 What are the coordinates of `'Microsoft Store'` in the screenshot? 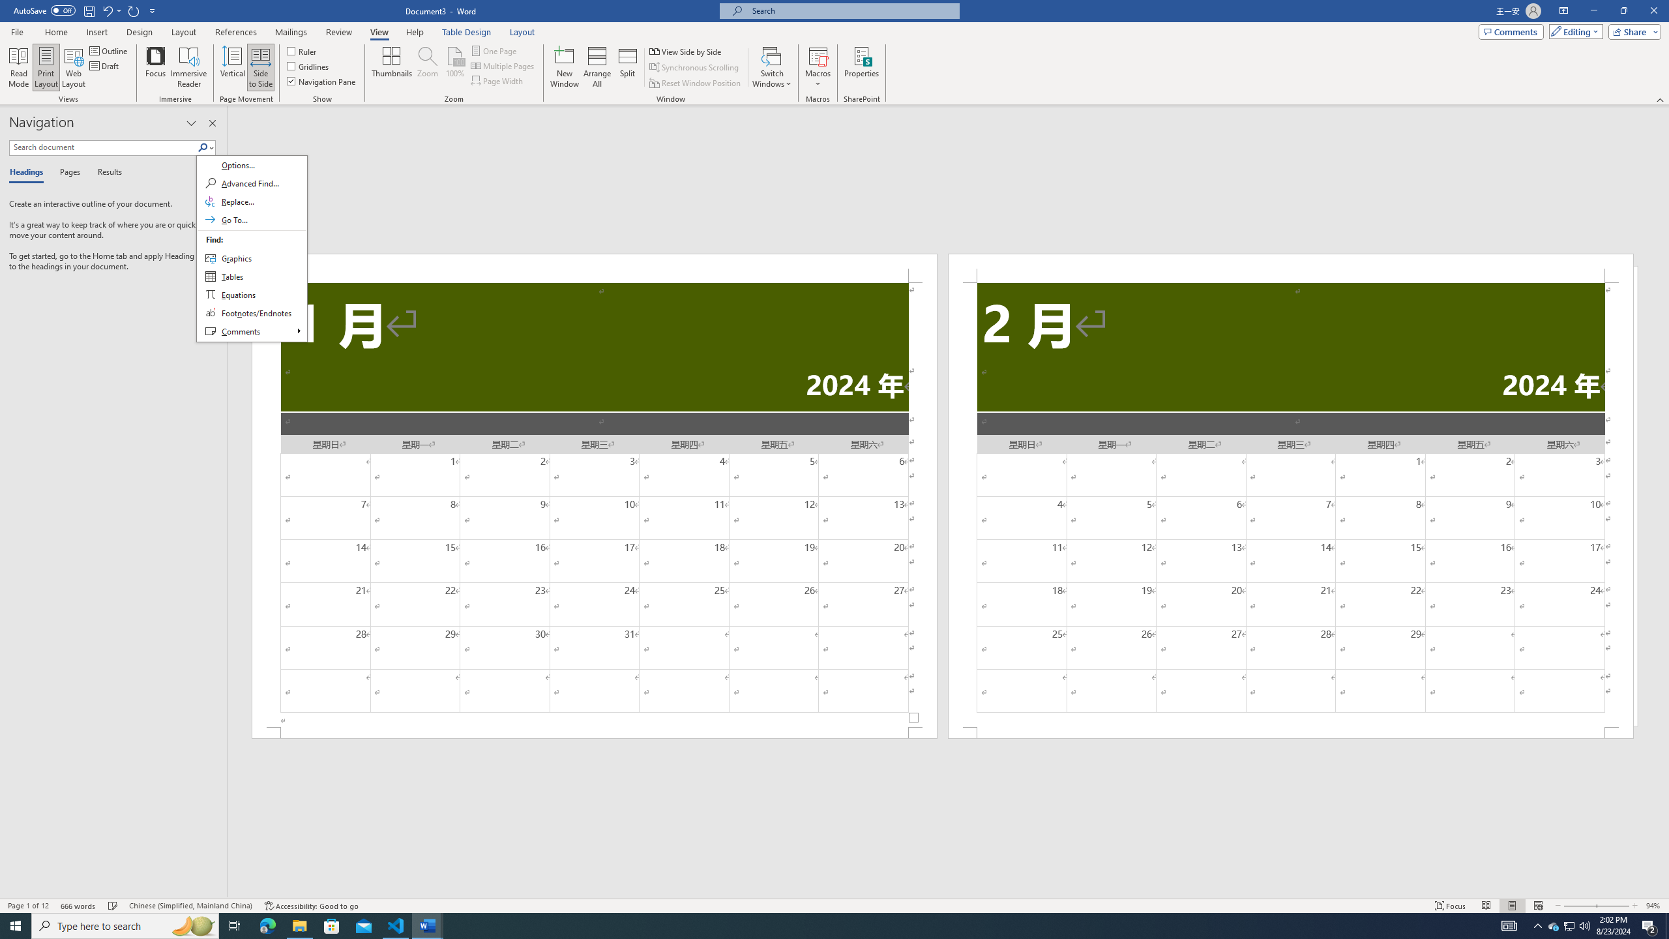 It's located at (332, 925).